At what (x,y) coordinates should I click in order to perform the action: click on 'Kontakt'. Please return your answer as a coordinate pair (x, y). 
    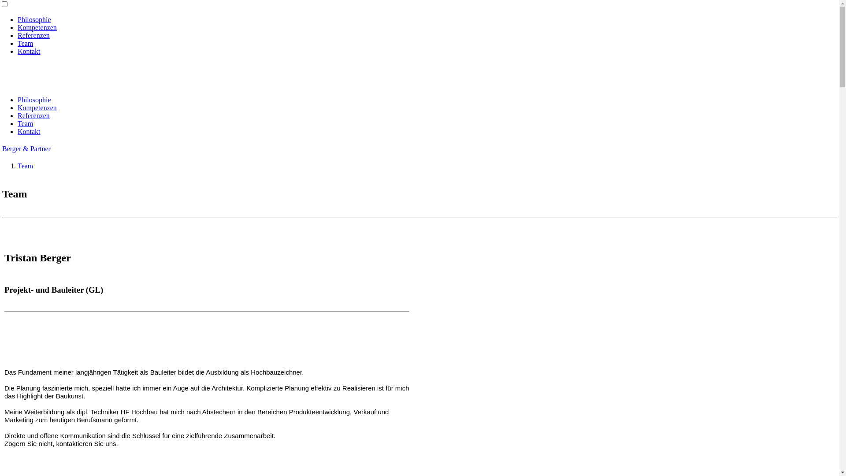
    Looking at the image, I should click on (29, 131).